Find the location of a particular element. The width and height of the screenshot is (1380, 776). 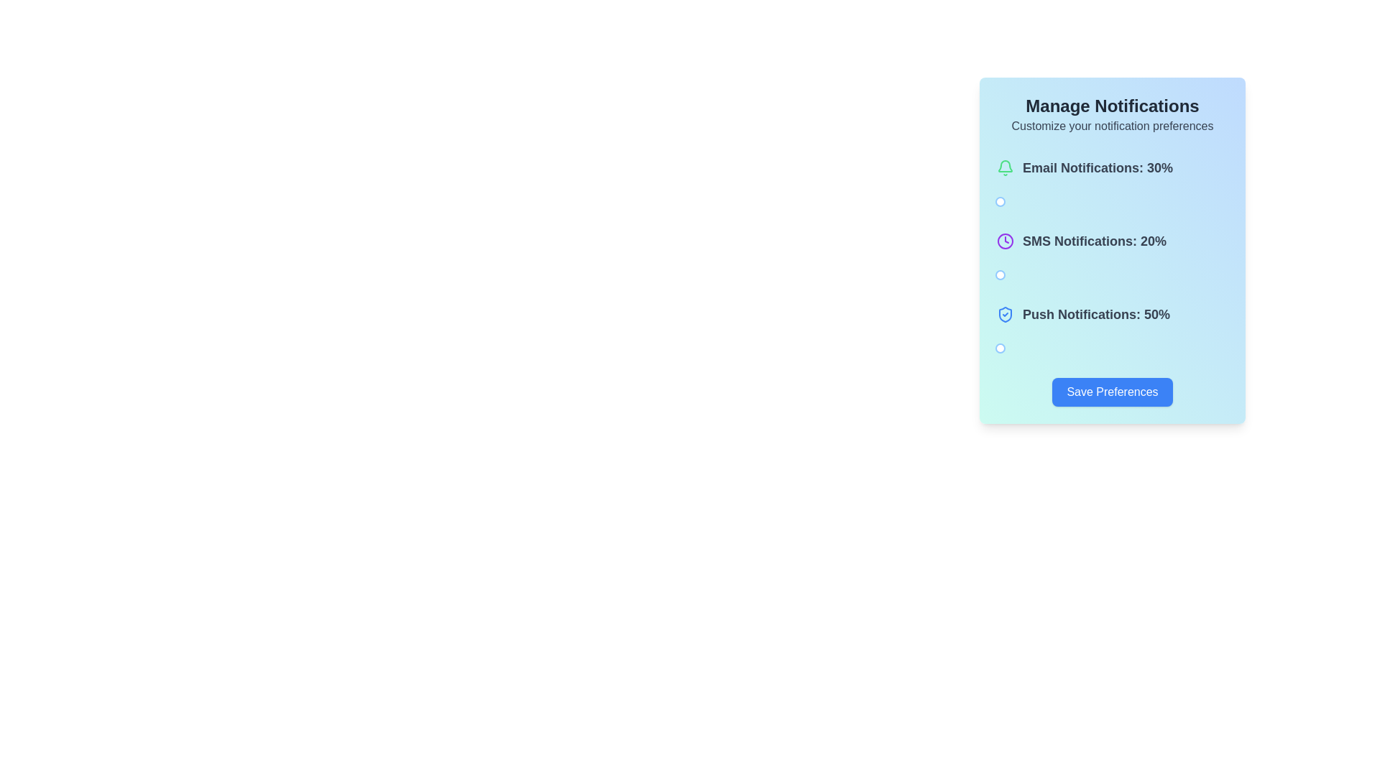

the 'Push Notifications' value is located at coordinates (1003, 348).